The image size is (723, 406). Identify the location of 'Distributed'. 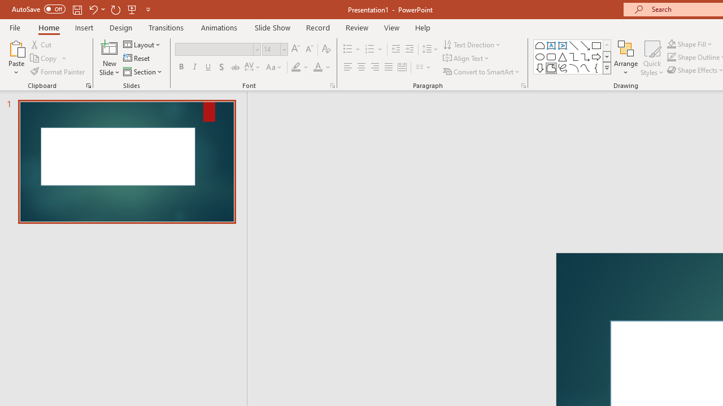
(402, 67).